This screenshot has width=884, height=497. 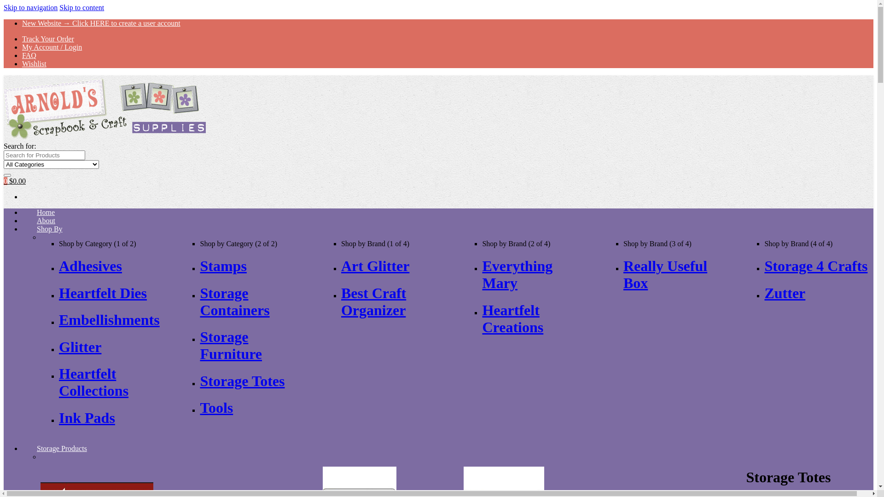 I want to click on 'Skip to content', so click(x=81, y=7).